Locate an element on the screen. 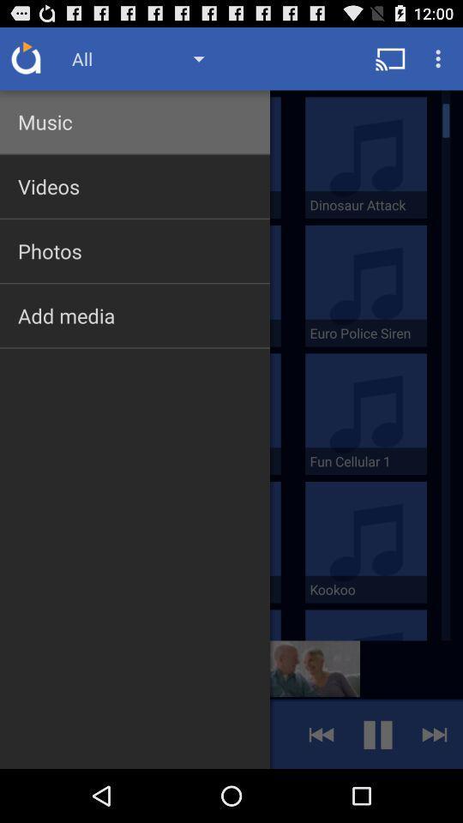 The width and height of the screenshot is (463, 823). the pause icon is located at coordinates (378, 786).